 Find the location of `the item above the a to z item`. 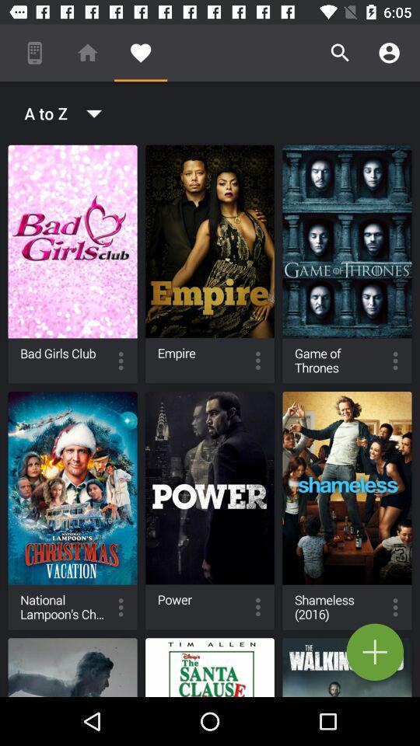

the item above the a to z item is located at coordinates (141, 53).